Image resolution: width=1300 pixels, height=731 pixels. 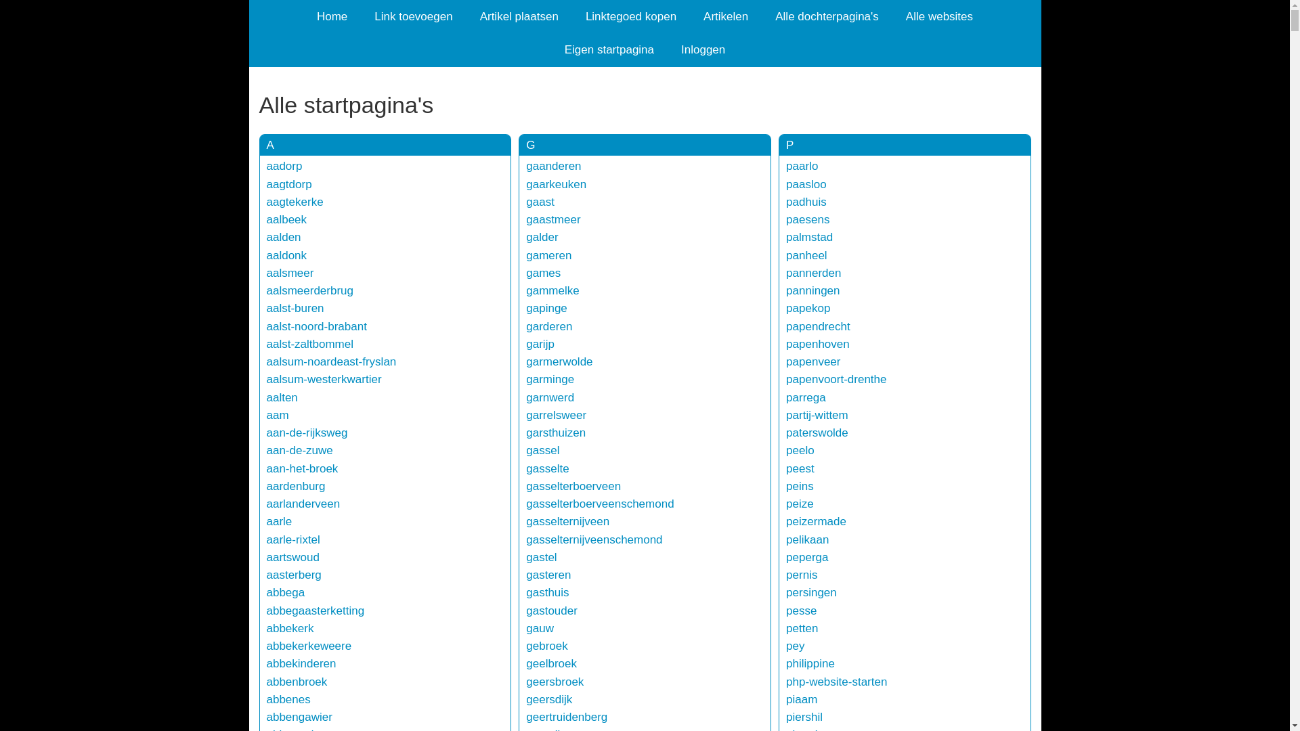 What do you see at coordinates (301, 663) in the screenshot?
I see `'abbekinderen'` at bounding box center [301, 663].